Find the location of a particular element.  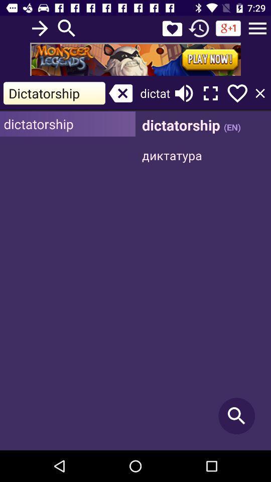

the favorite icon is located at coordinates (237, 93).